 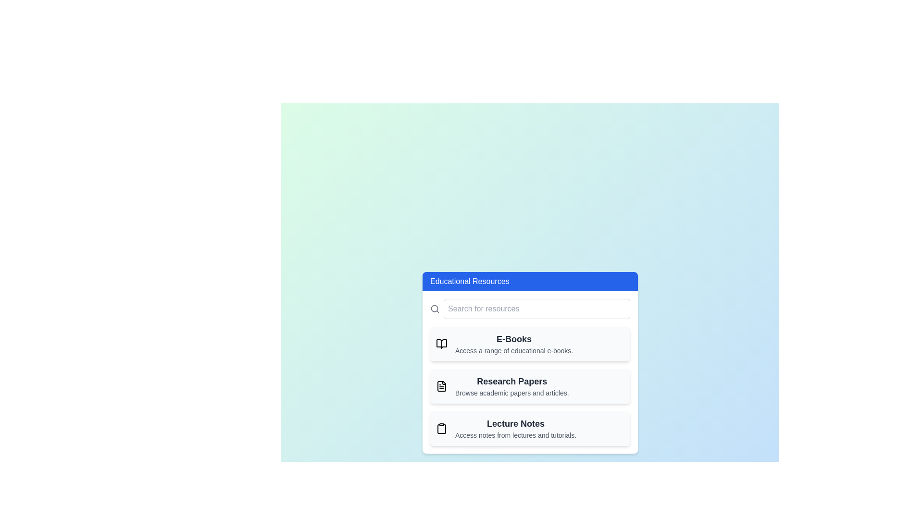 What do you see at coordinates (441, 428) in the screenshot?
I see `the icon representing Lecture Notes` at bounding box center [441, 428].